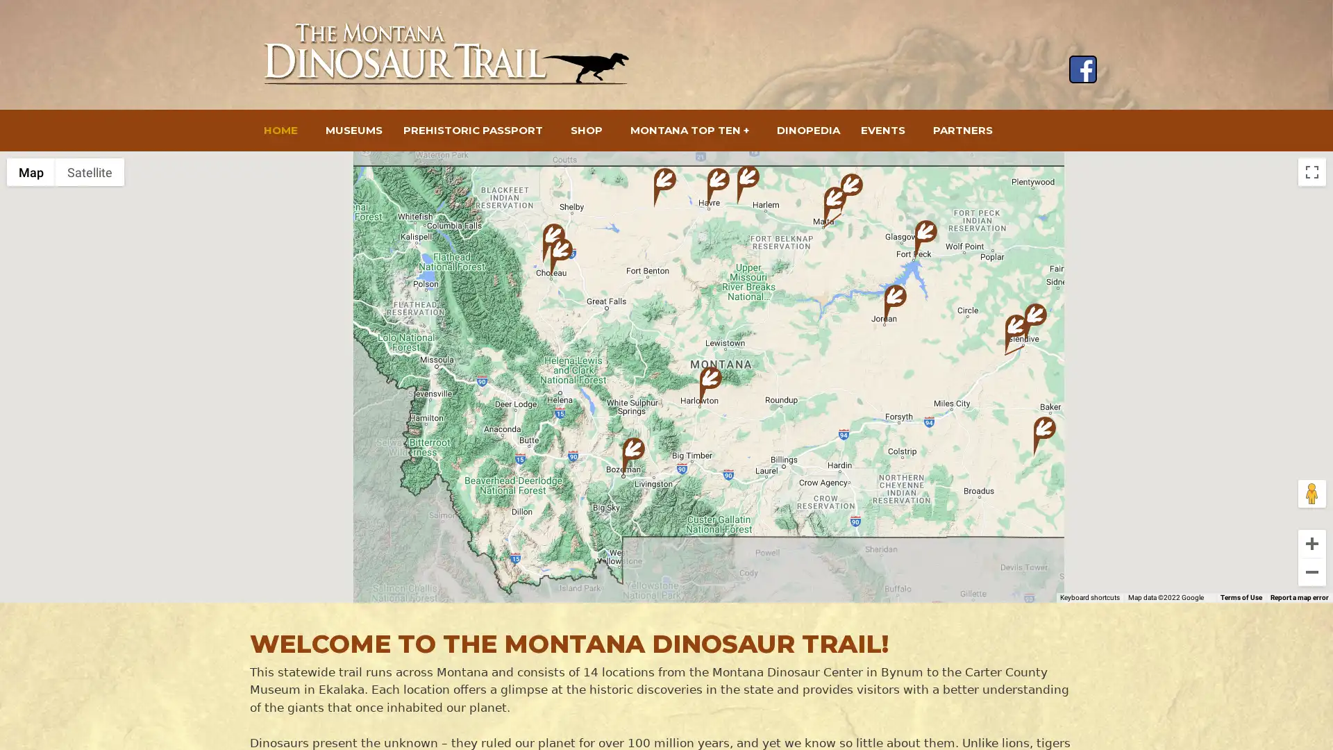 This screenshot has height=750, width=1333. What do you see at coordinates (562, 258) in the screenshot?
I see `Old Trail Museum` at bounding box center [562, 258].